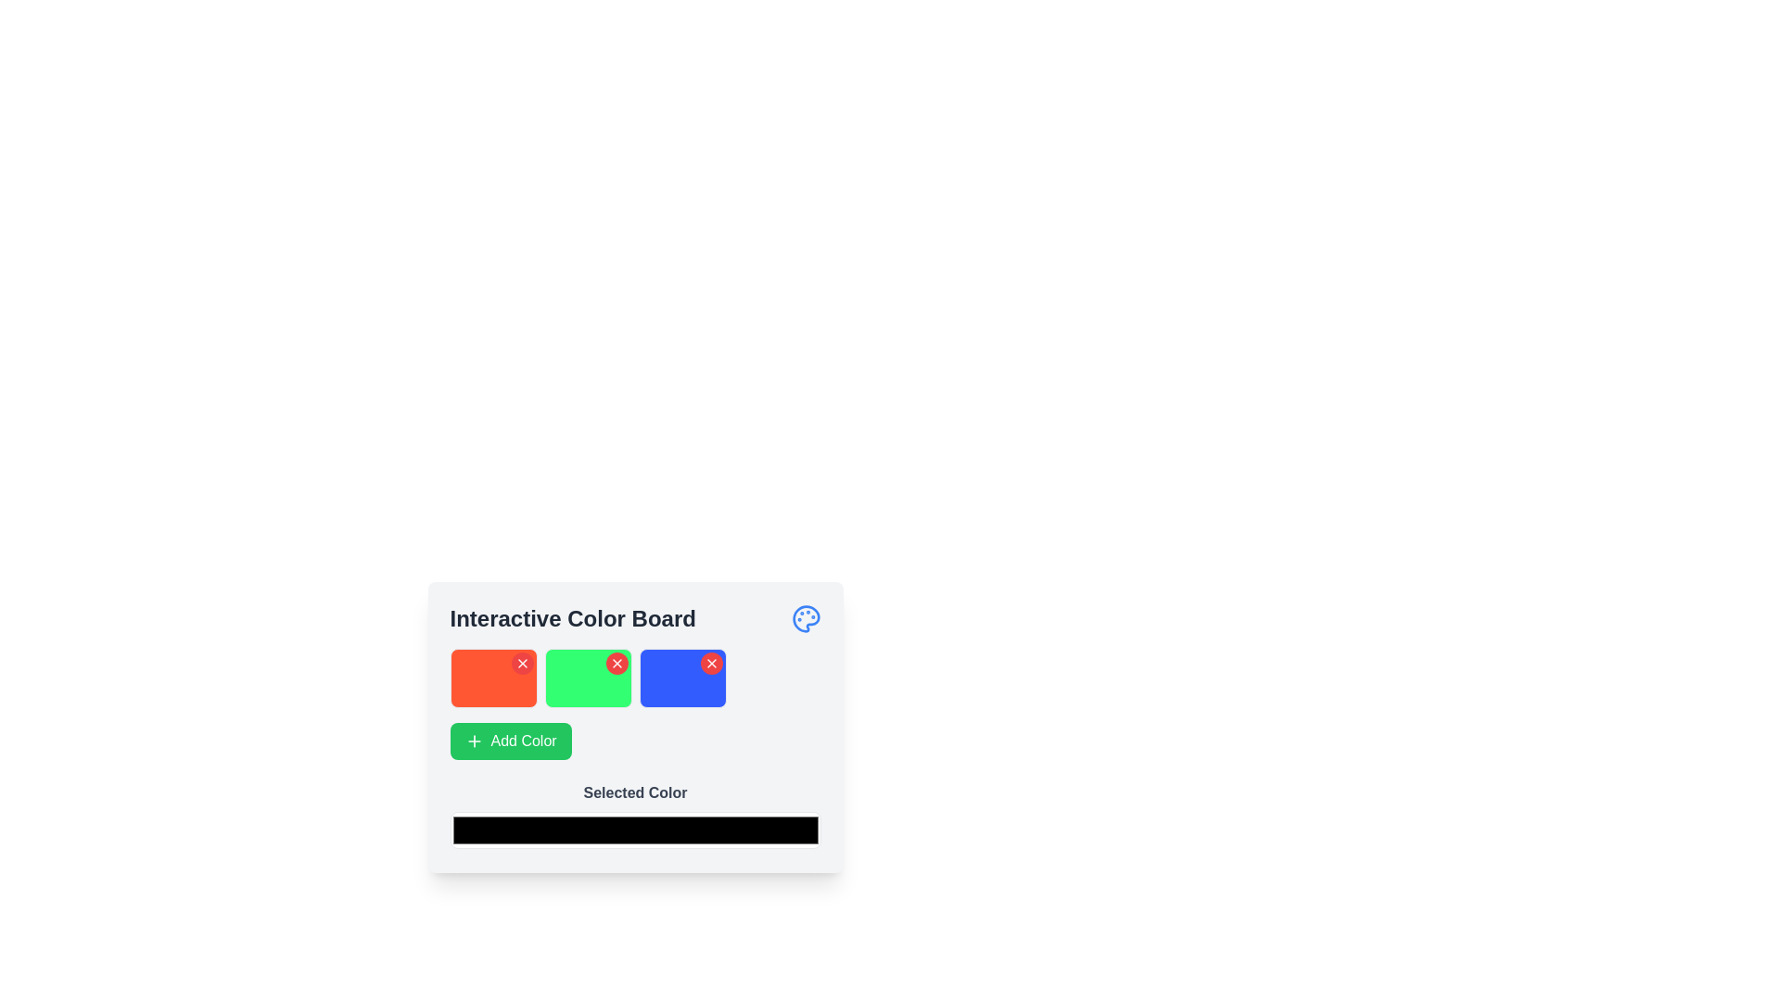 The width and height of the screenshot is (1780, 1001). Describe the element at coordinates (474, 740) in the screenshot. I see `the plus icon located within the green 'Add Color' button, which denotes an action` at that location.